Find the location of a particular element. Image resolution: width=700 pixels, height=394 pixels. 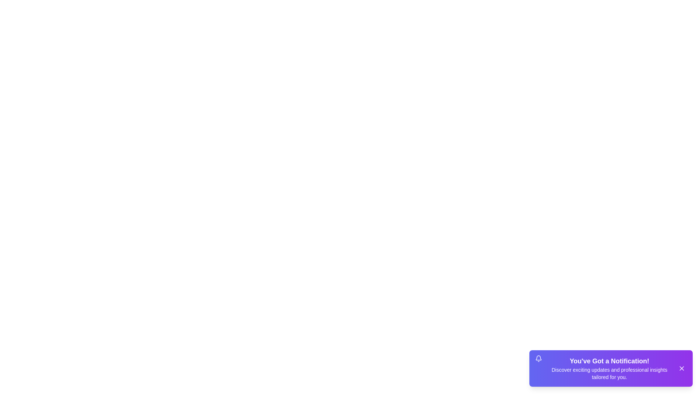

the dismiss button to close the notification is located at coordinates (681, 368).